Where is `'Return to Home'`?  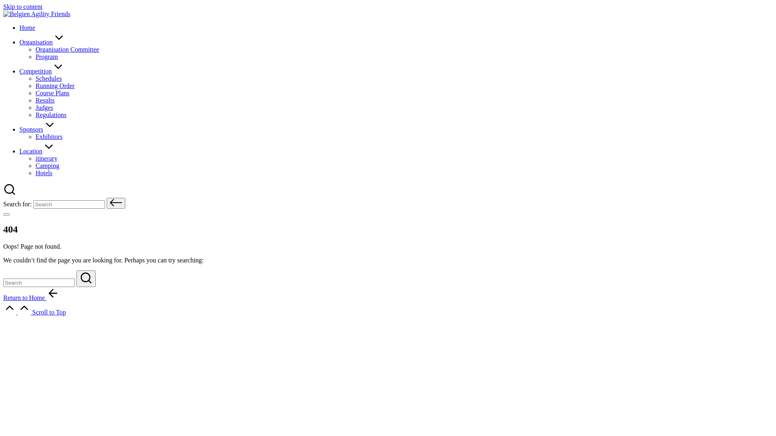
'Return to Home' is located at coordinates (31, 298).